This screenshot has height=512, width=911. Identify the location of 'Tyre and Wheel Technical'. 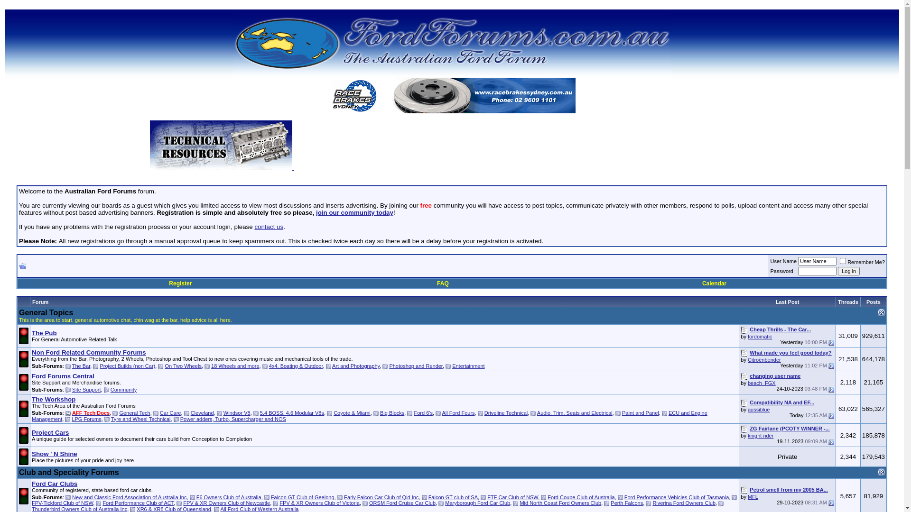
(111, 418).